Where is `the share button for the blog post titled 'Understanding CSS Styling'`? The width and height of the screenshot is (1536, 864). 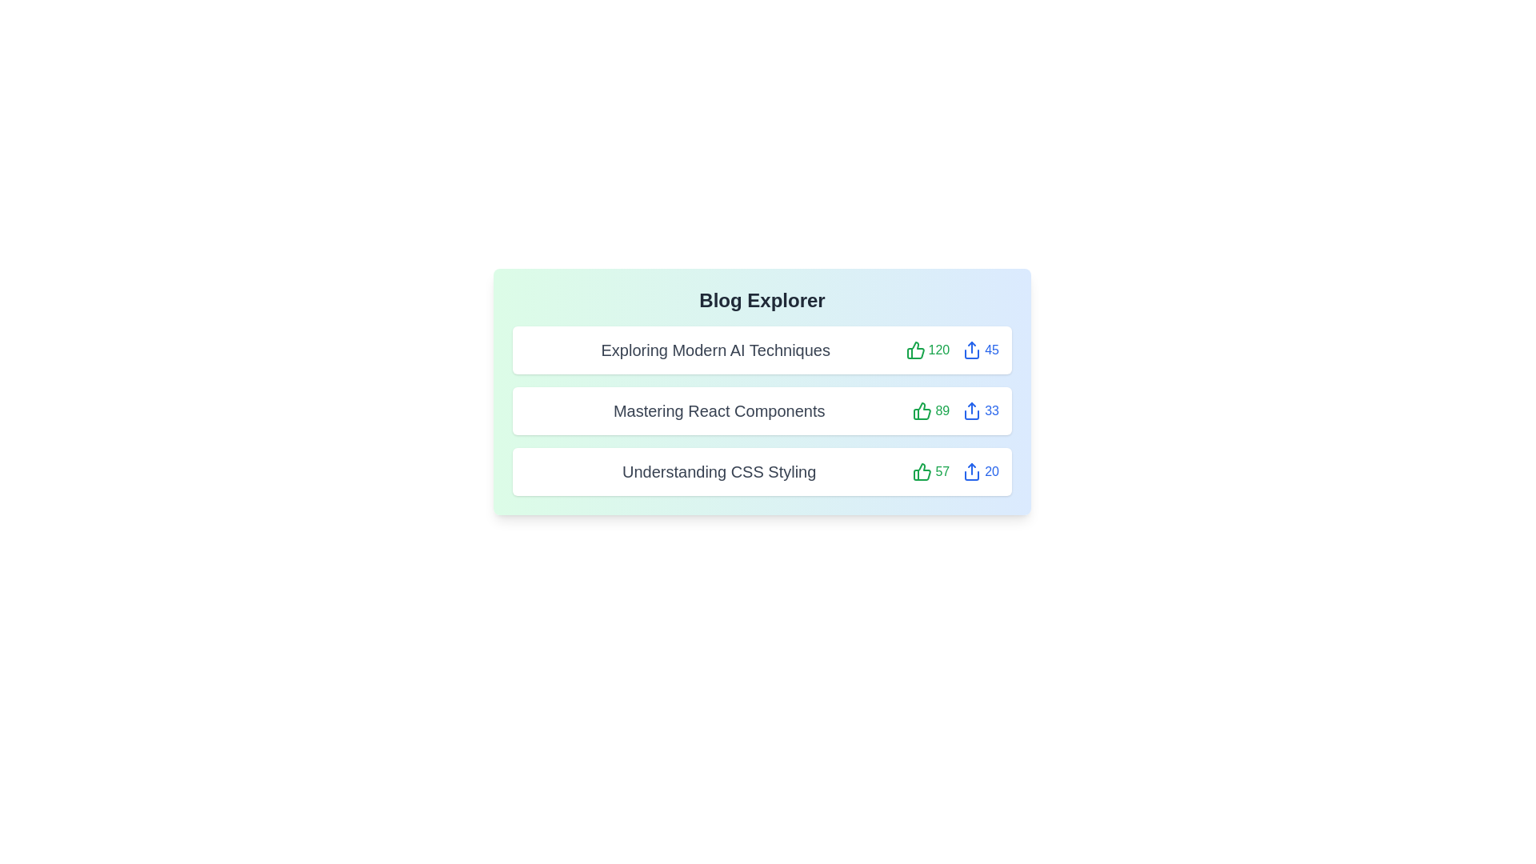 the share button for the blog post titled 'Understanding CSS Styling' is located at coordinates (980, 471).